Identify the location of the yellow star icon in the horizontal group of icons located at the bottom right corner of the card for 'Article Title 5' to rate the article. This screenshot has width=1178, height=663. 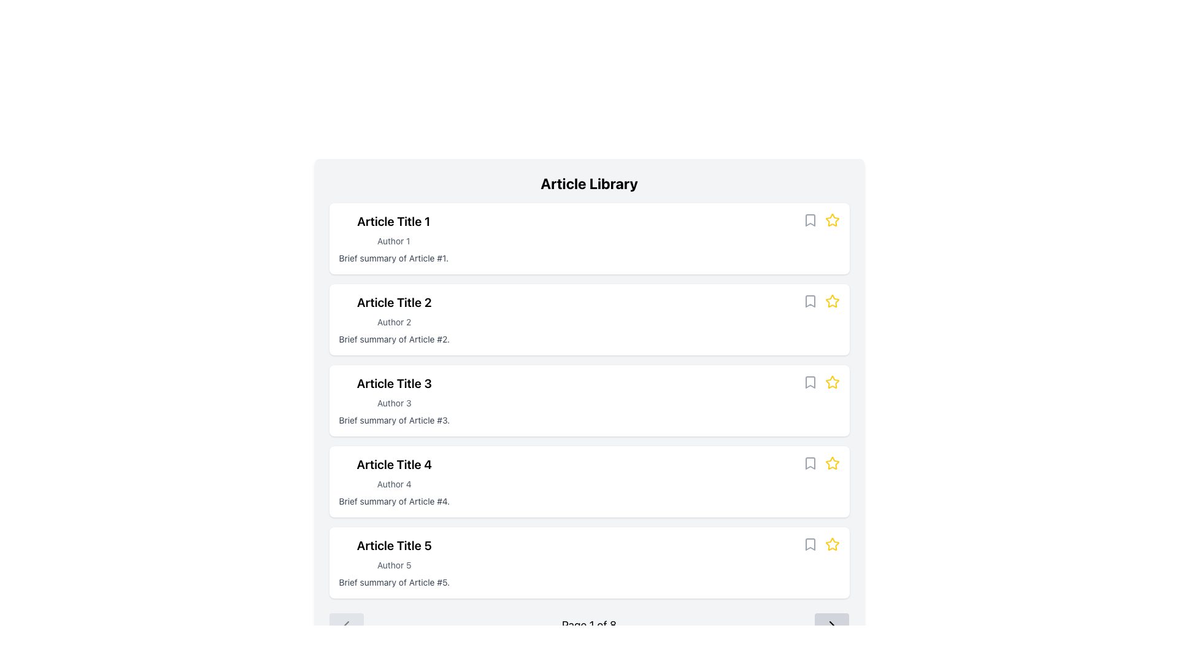
(821, 544).